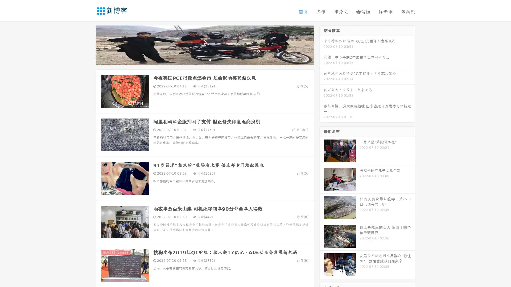 Image resolution: width=511 pixels, height=287 pixels. I want to click on Next slide, so click(322, 45).